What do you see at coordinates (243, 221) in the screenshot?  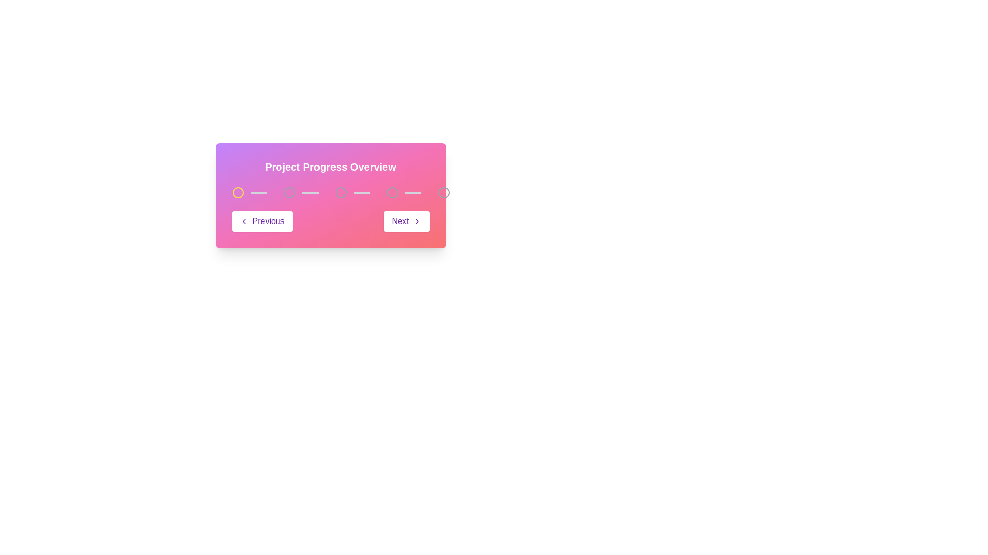 I see `the left chevron SVG icon that indicates backward navigation within the 'Previous' button at the bottom-left of the progress-tracking component` at bounding box center [243, 221].